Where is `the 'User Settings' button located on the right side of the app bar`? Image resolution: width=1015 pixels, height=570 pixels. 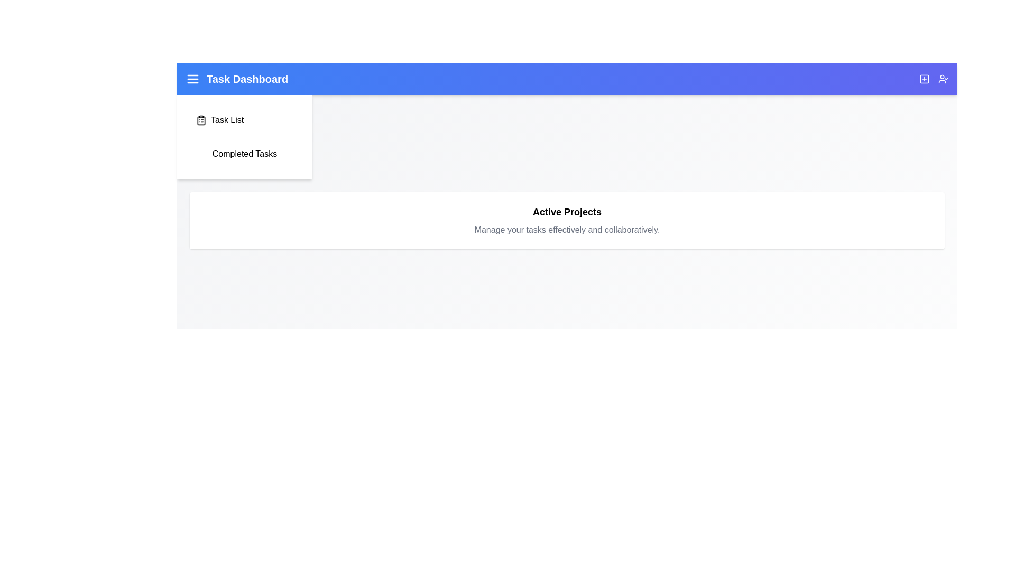 the 'User Settings' button located on the right side of the app bar is located at coordinates (944, 79).